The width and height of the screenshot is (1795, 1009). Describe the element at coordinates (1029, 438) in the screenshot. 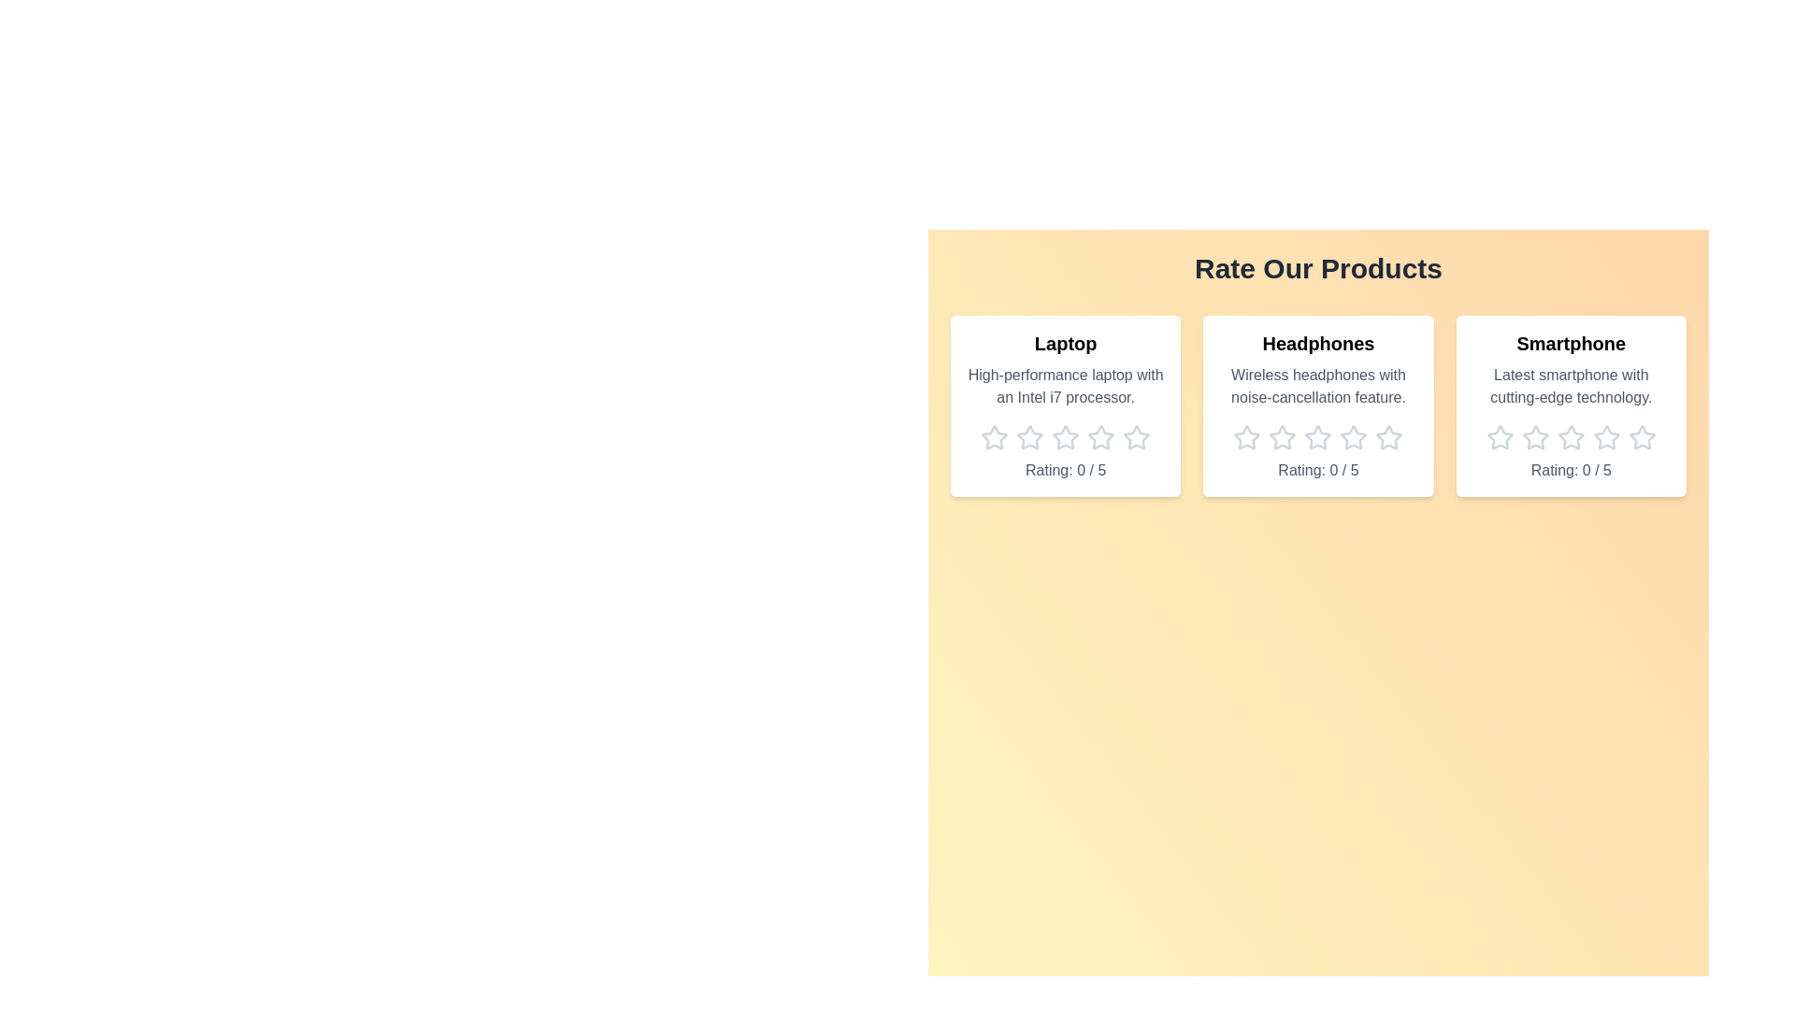

I see `the star icon corresponding to 2 stars for the product Laptop` at that location.